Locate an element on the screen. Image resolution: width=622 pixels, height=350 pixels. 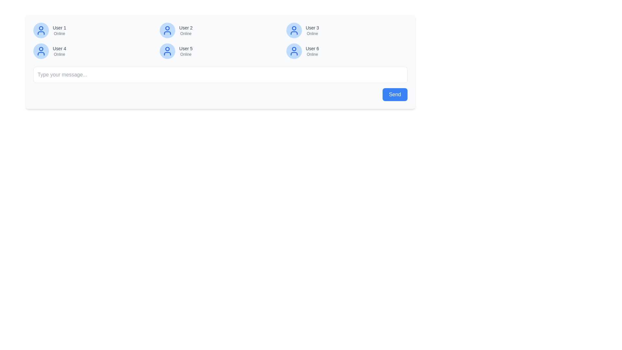
the static text display showing 'User 6' and 'Online', located in the second row, second column of the user elements grid is located at coordinates (312, 51).